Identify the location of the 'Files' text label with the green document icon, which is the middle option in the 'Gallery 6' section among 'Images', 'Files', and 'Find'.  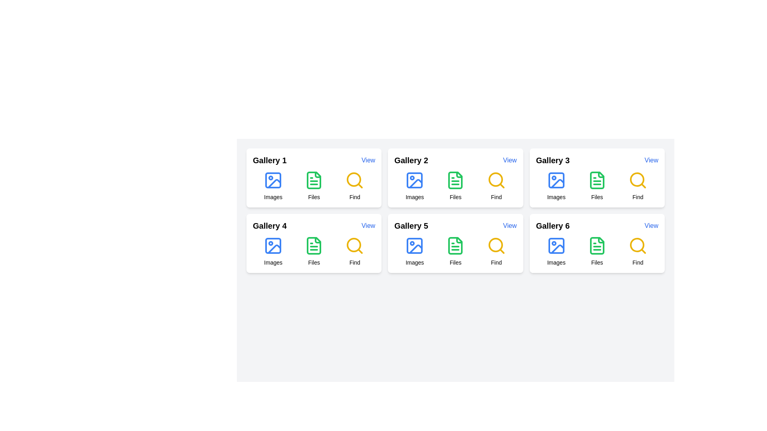
(597, 251).